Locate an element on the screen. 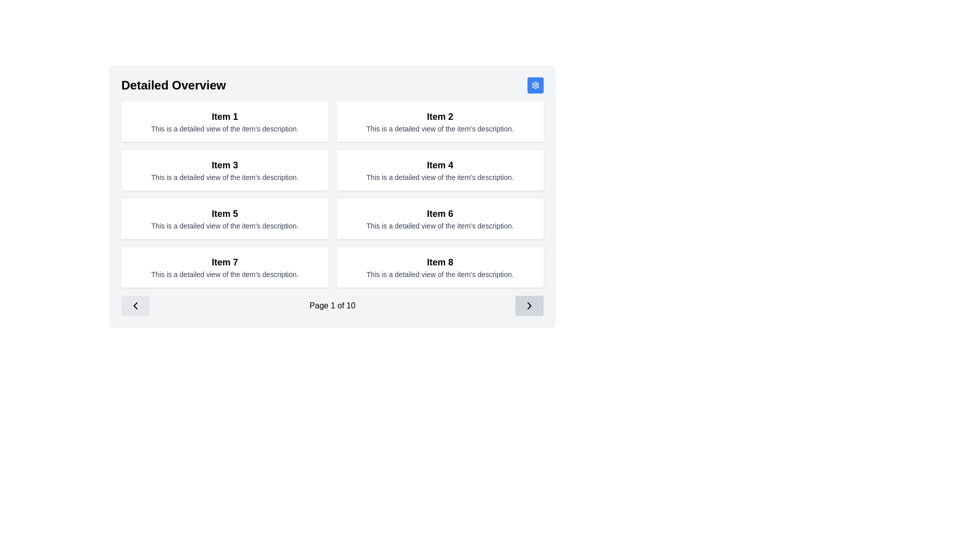 The image size is (971, 546). bold text label 'Item 1' located at the upper-left corner of the grid layout in the first box of the first row is located at coordinates (224, 116).